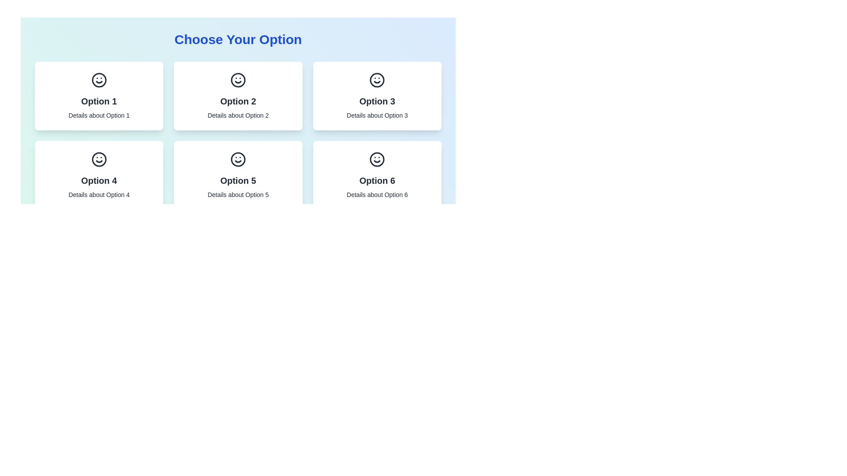 The image size is (847, 476). I want to click on the text label displaying 'Details about Option 6', which is positioned below the title 'Option 6' within the card labeled 'Option 6', so click(377, 194).